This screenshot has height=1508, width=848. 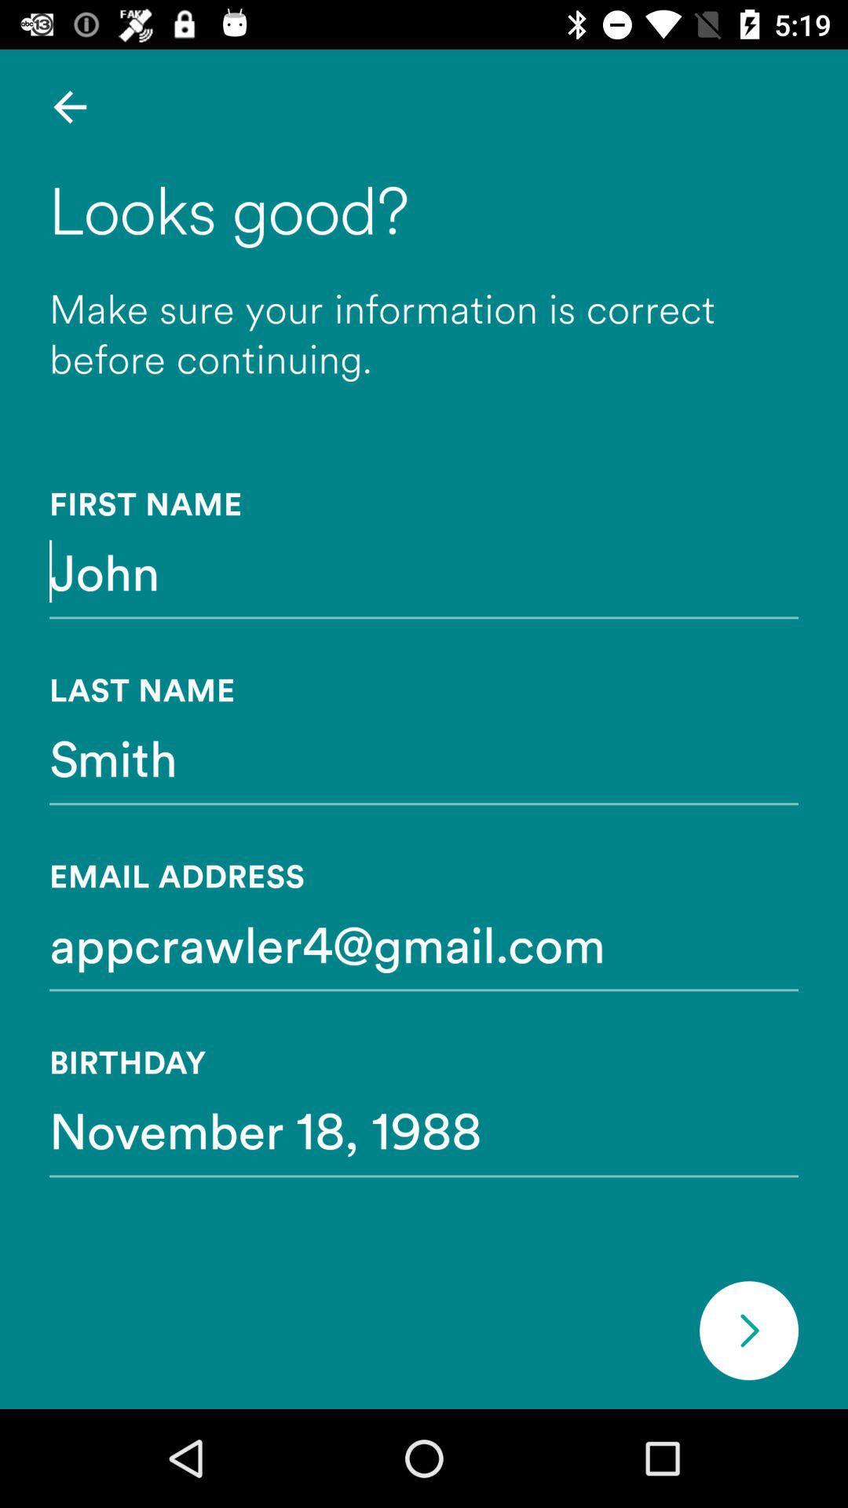 I want to click on smith item, so click(x=424, y=757).